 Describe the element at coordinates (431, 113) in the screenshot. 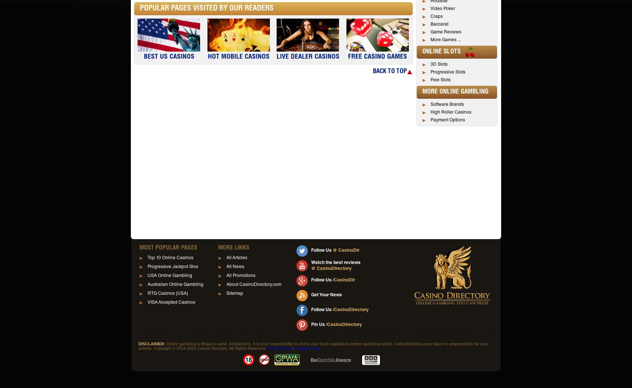

I see `'High Roller Casinos'` at that location.